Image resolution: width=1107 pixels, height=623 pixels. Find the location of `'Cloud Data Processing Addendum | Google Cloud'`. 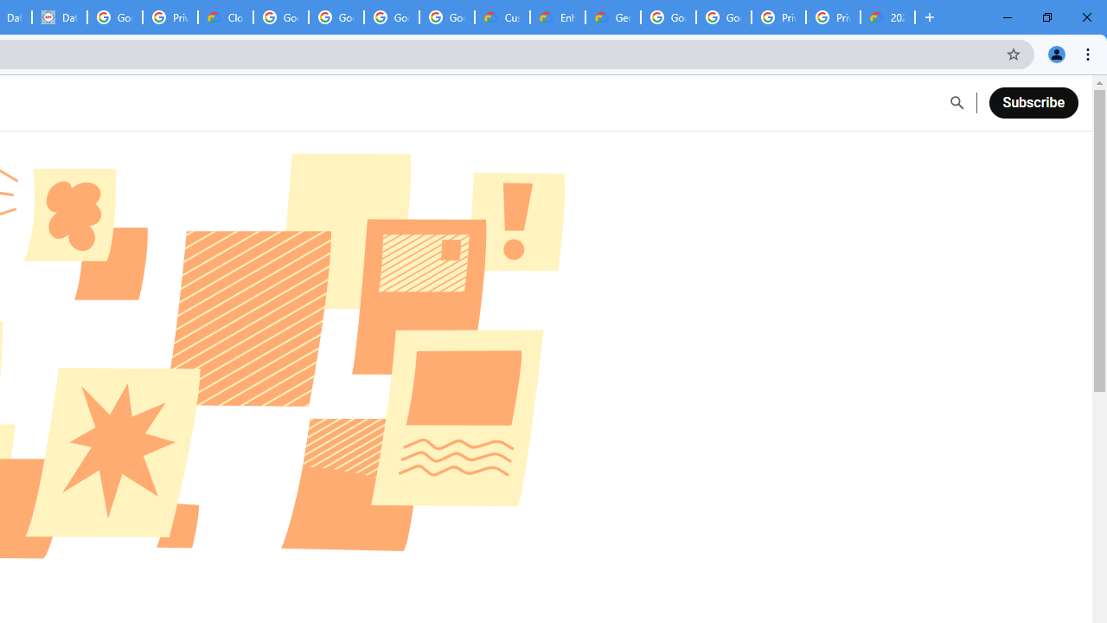

'Cloud Data Processing Addendum | Google Cloud' is located at coordinates (225, 17).